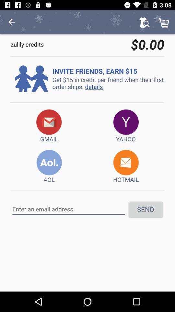 Image resolution: width=175 pixels, height=312 pixels. What do you see at coordinates (12, 22) in the screenshot?
I see `icon next to $0.00` at bounding box center [12, 22].